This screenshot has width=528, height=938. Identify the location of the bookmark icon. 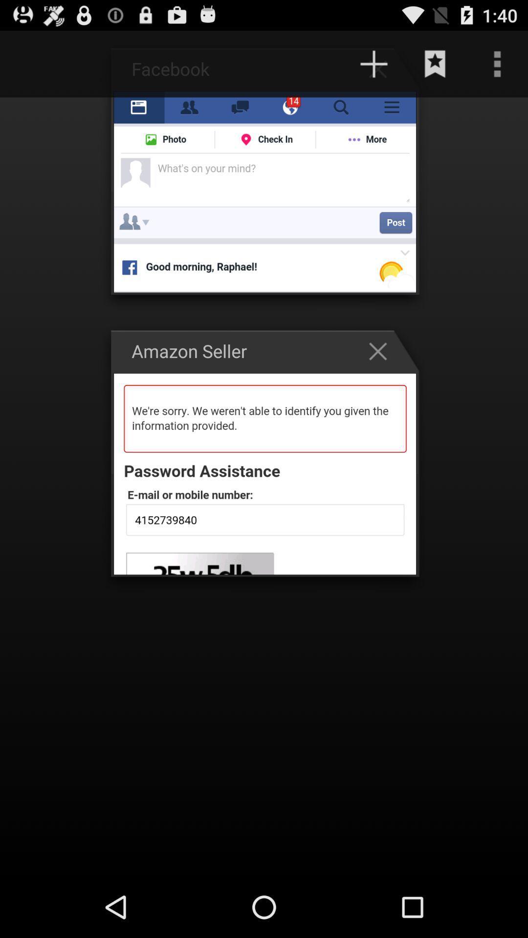
(435, 68).